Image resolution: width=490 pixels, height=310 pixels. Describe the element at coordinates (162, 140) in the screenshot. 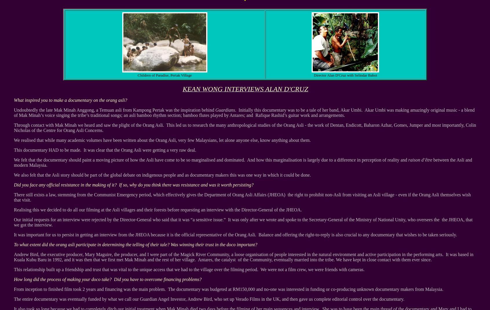

I see `'We realised that while many academic volumes have
been written about the Orang Asli, very few Malaysians, let alone anyone
else, know anything about them.'` at that location.